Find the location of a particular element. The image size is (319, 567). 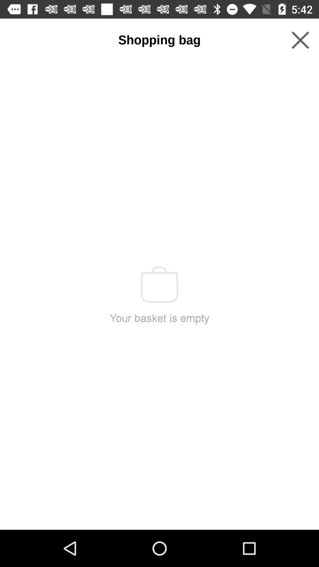

item next to the shopping bag icon is located at coordinates (300, 40).